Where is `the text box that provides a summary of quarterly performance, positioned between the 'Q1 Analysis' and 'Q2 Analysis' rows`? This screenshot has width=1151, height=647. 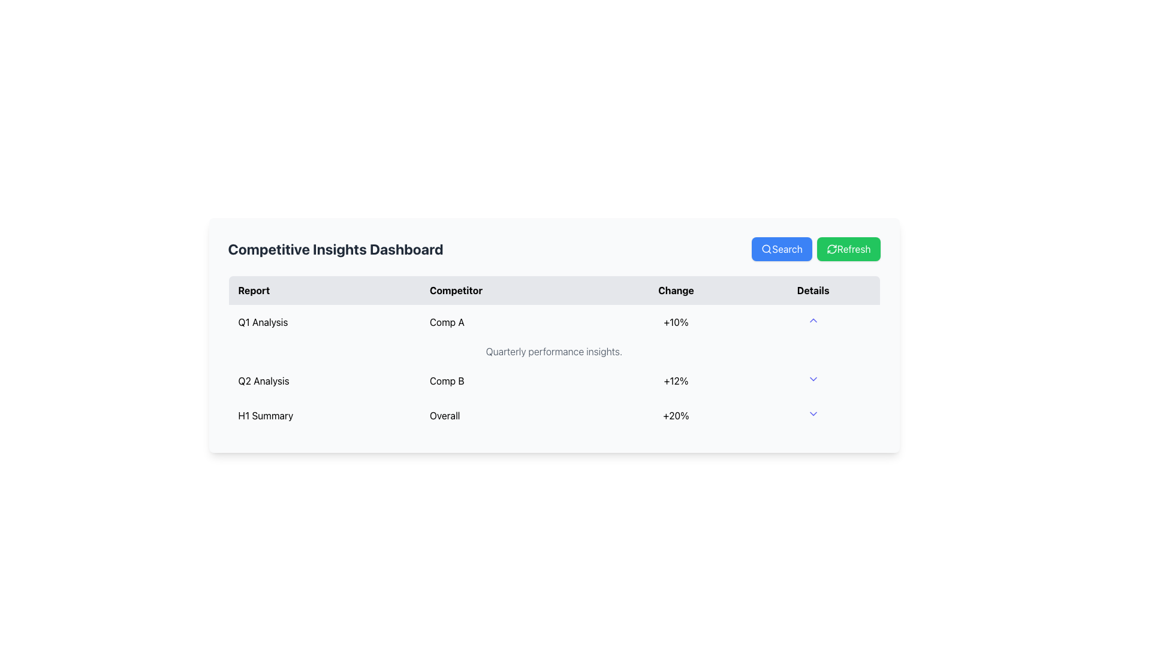
the text box that provides a summary of quarterly performance, positioned between the 'Q1 Analysis' and 'Q2 Analysis' rows is located at coordinates (553, 350).